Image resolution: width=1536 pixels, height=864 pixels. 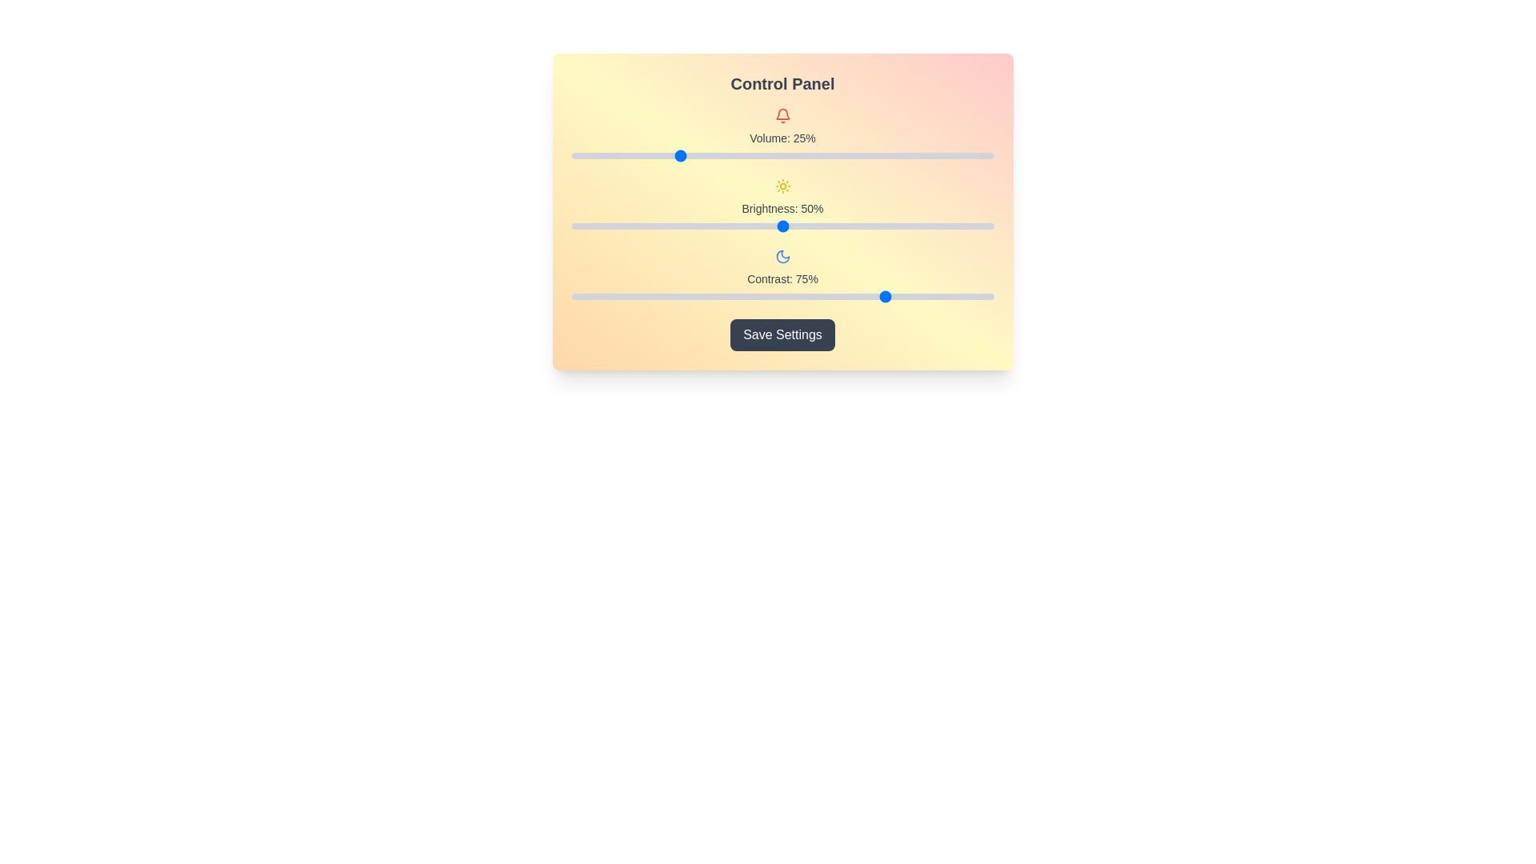 I want to click on brightness, so click(x=651, y=226).